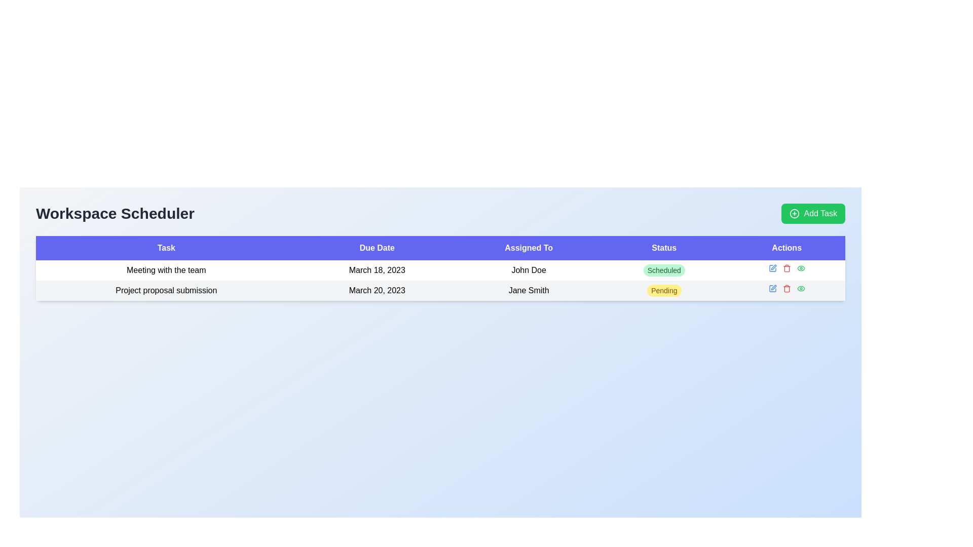  Describe the element at coordinates (377, 248) in the screenshot. I see `the 'Due Date' label, which is styled with a bold white font on a solid blue background, located in the header row of the table between the 'Task' and 'Assigned To' columns` at that location.